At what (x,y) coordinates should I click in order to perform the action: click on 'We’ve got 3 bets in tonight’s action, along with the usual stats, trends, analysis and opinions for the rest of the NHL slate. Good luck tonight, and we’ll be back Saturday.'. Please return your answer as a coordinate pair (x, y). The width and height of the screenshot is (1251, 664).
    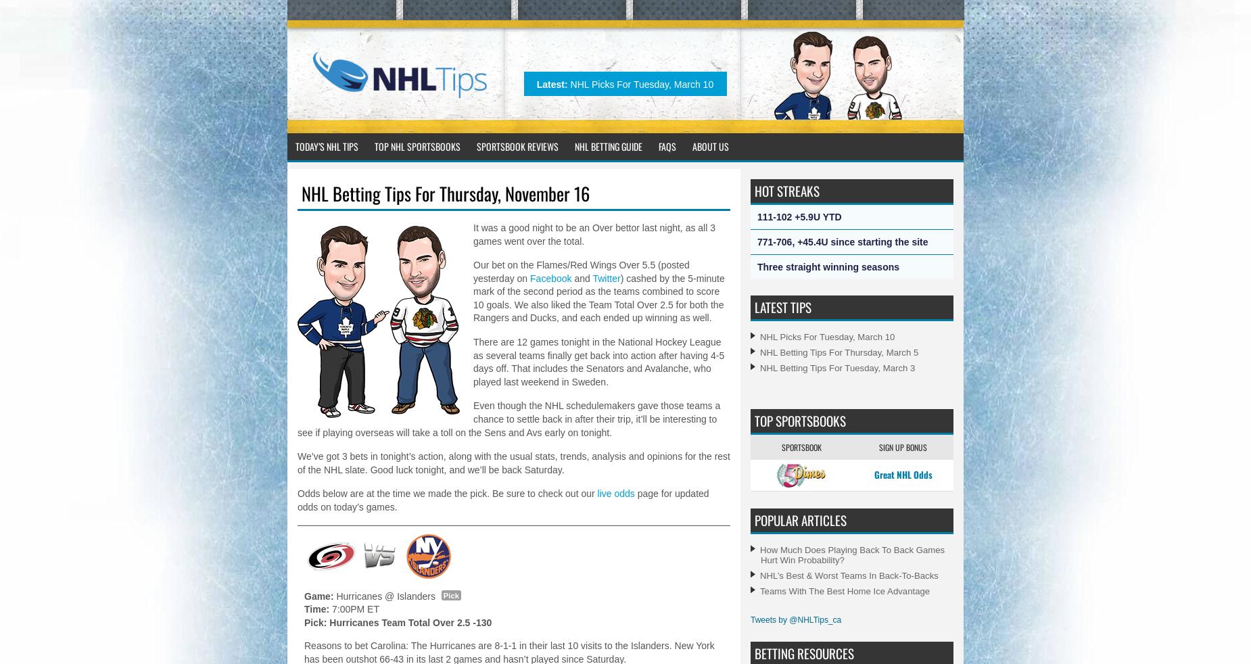
    Looking at the image, I should click on (296, 462).